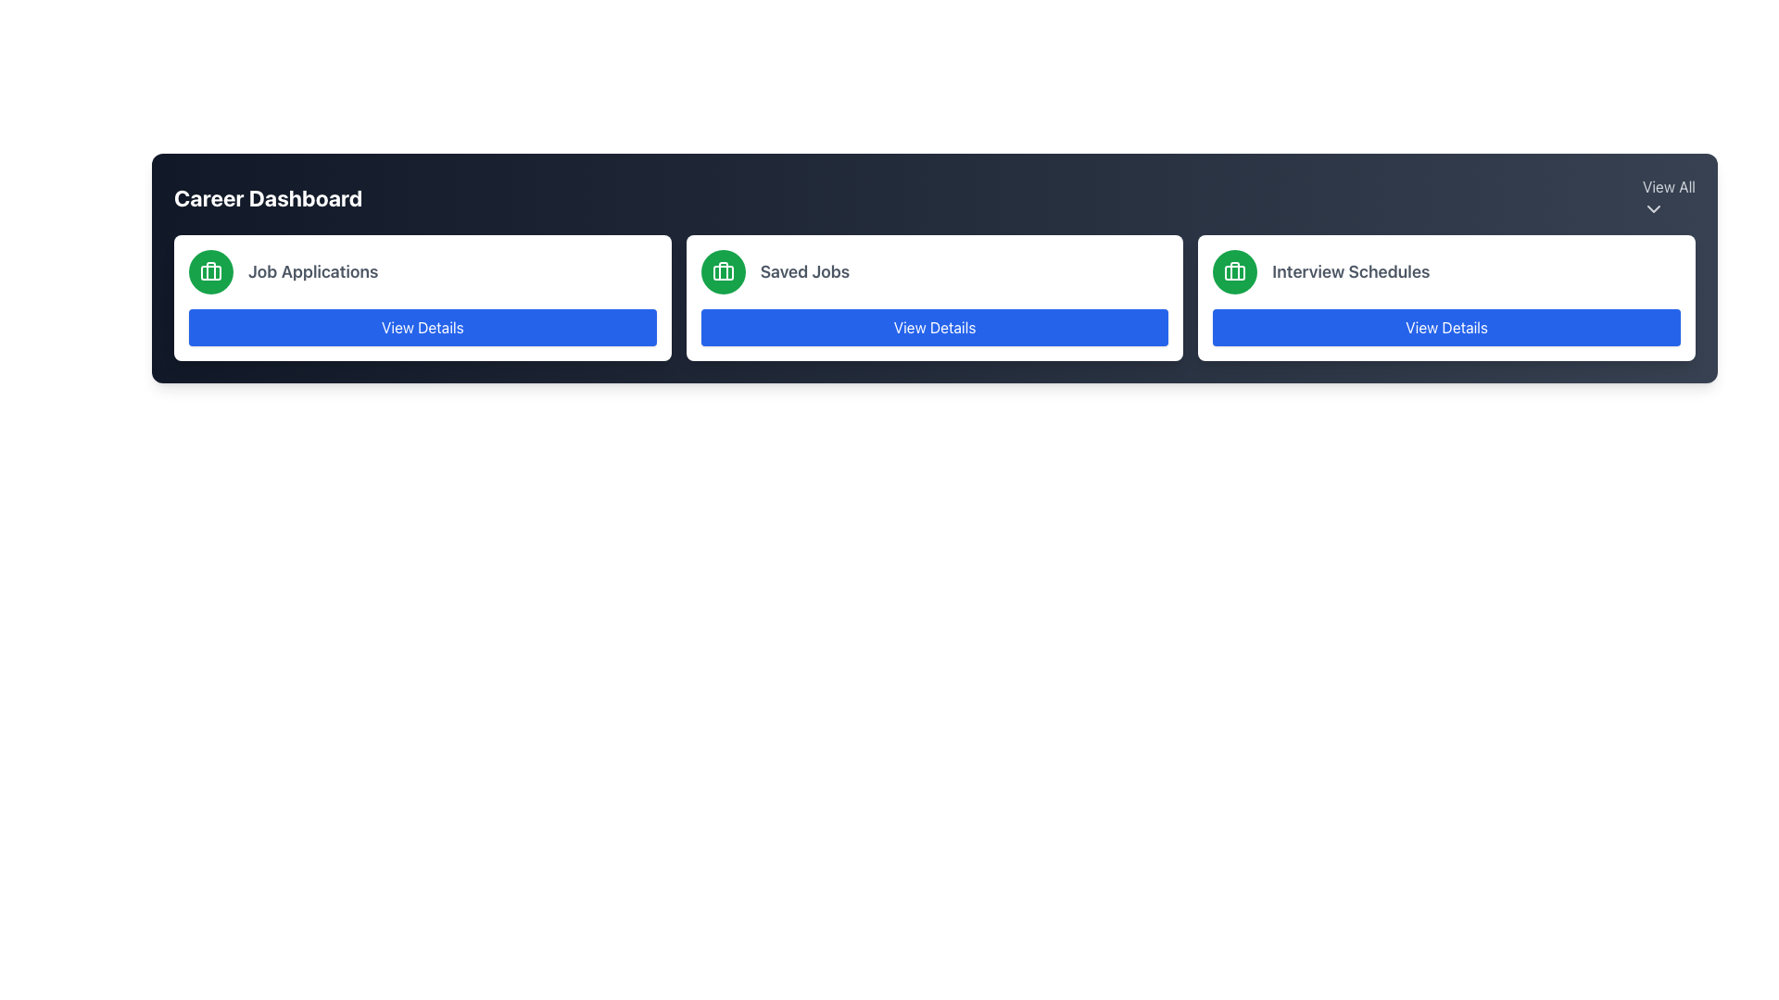 The width and height of the screenshot is (1779, 1000). What do you see at coordinates (313, 271) in the screenshot?
I see `the Text Label that serves as a header for job application information in the leftmost card of the 'Career Dashboard' section for accessibility navigation` at bounding box center [313, 271].